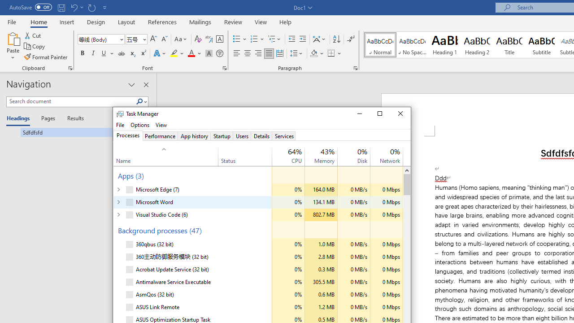  Describe the element at coordinates (120, 125) in the screenshot. I see `'File'` at that location.